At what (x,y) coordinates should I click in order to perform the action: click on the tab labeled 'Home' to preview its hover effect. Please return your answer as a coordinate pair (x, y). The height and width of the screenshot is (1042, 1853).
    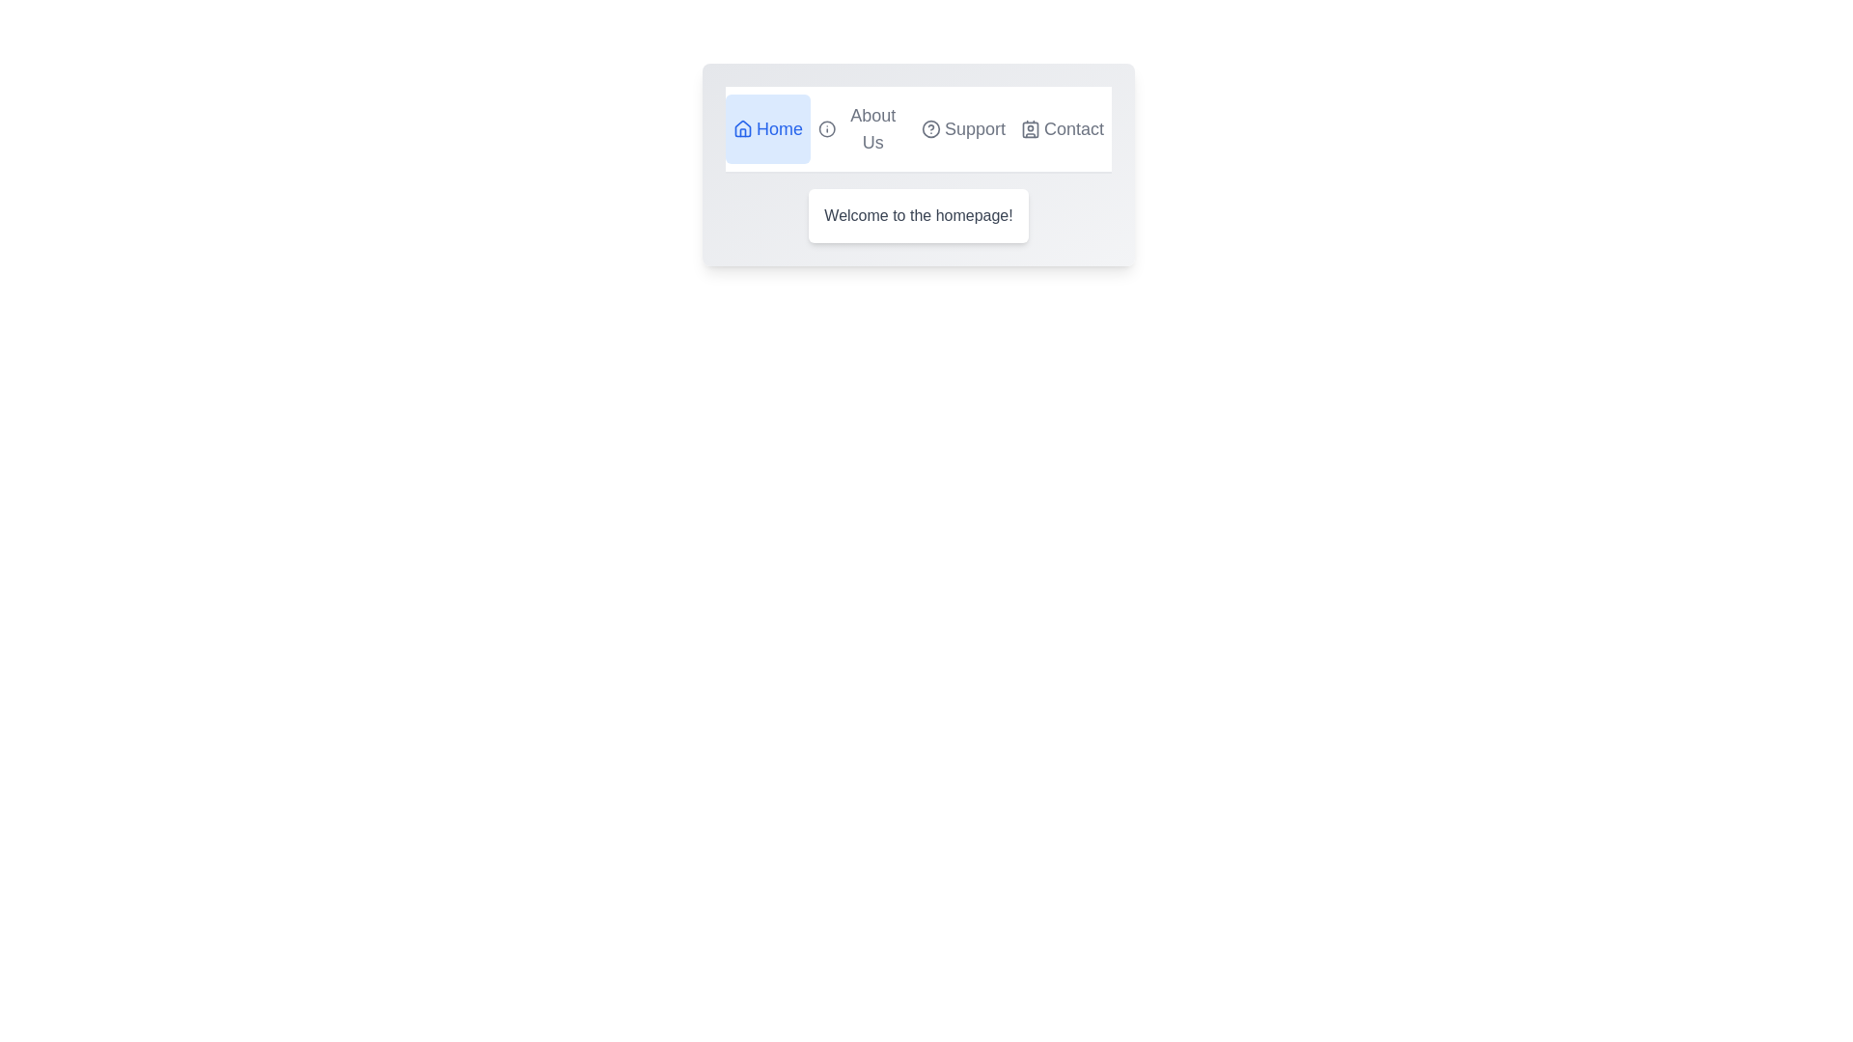
    Looking at the image, I should click on (767, 129).